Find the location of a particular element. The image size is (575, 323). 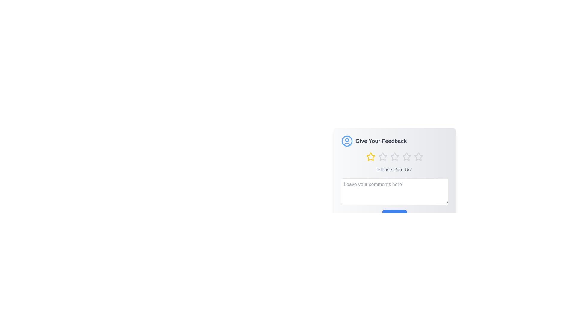

the Rating widget (interactive stars) is located at coordinates (395, 156).